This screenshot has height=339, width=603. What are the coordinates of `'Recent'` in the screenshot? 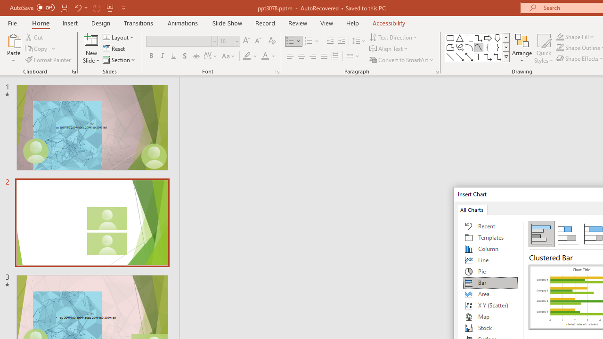 It's located at (490, 226).